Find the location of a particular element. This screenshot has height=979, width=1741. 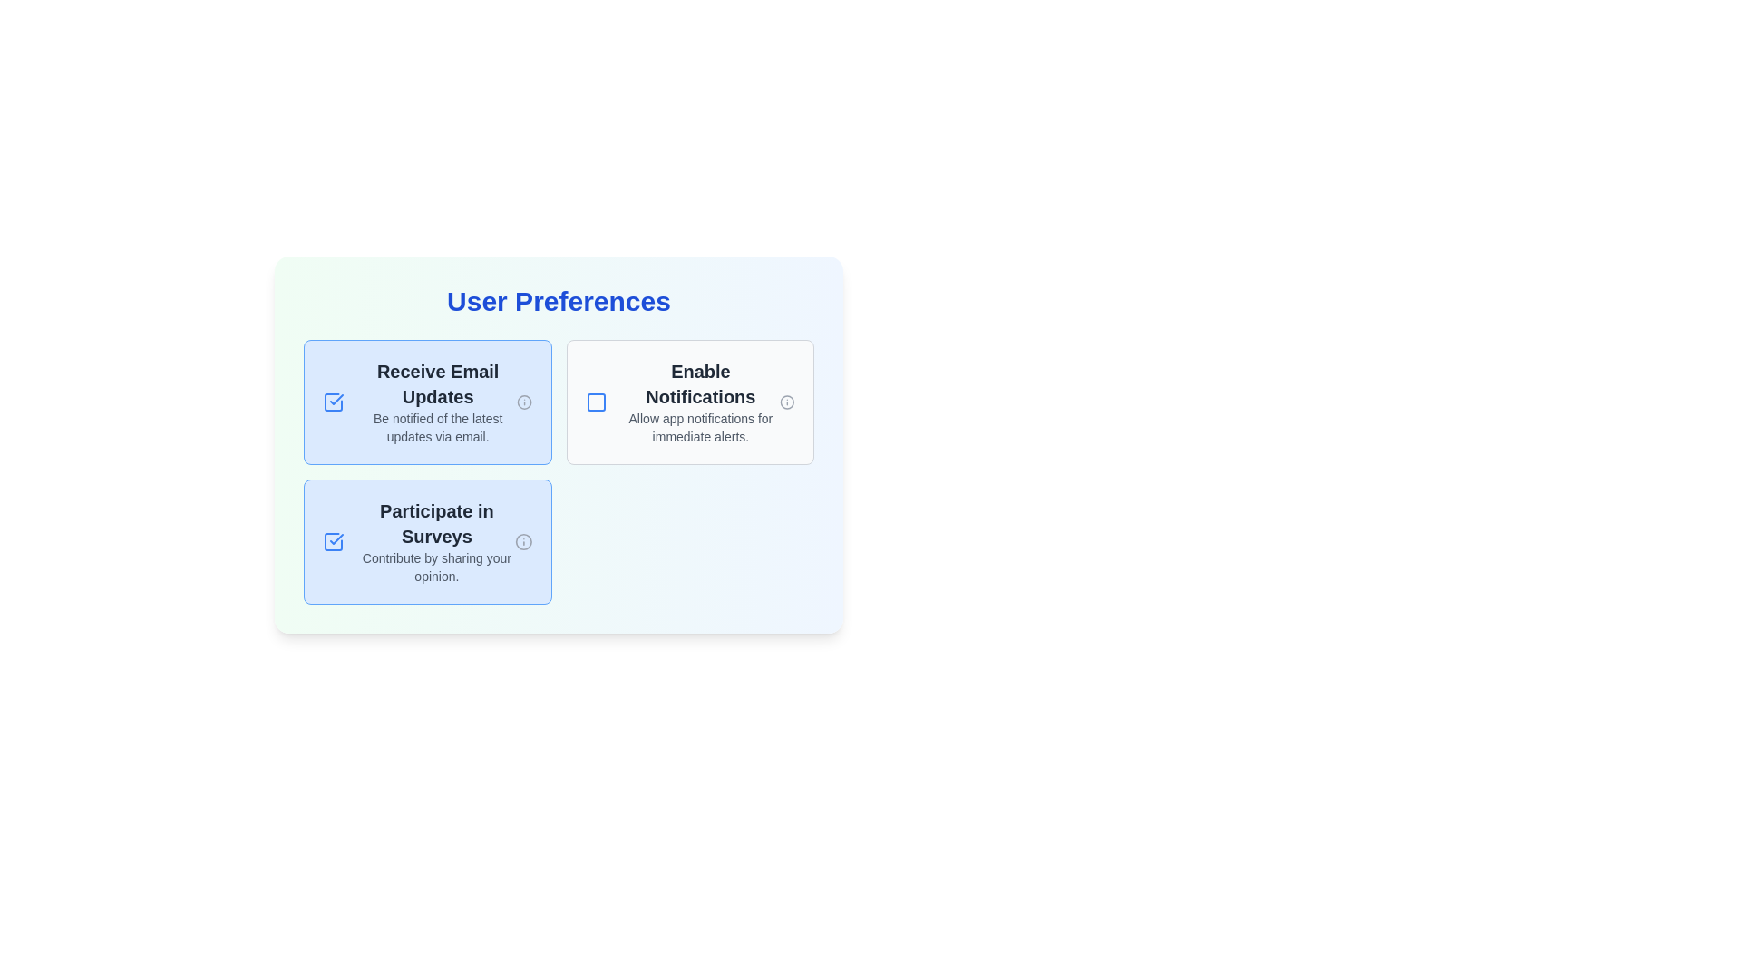

the explanatory label for the email updates preference option located in the top-left corner of the user preferences grid is located at coordinates (438, 401).